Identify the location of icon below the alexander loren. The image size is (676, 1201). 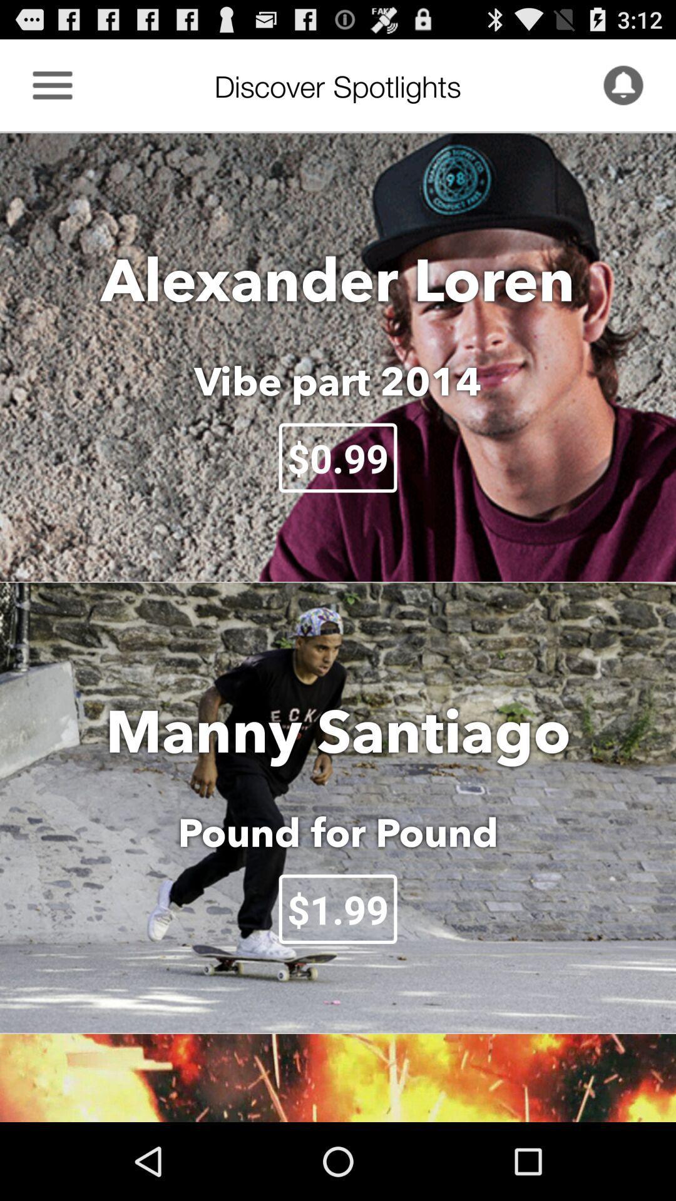
(338, 380).